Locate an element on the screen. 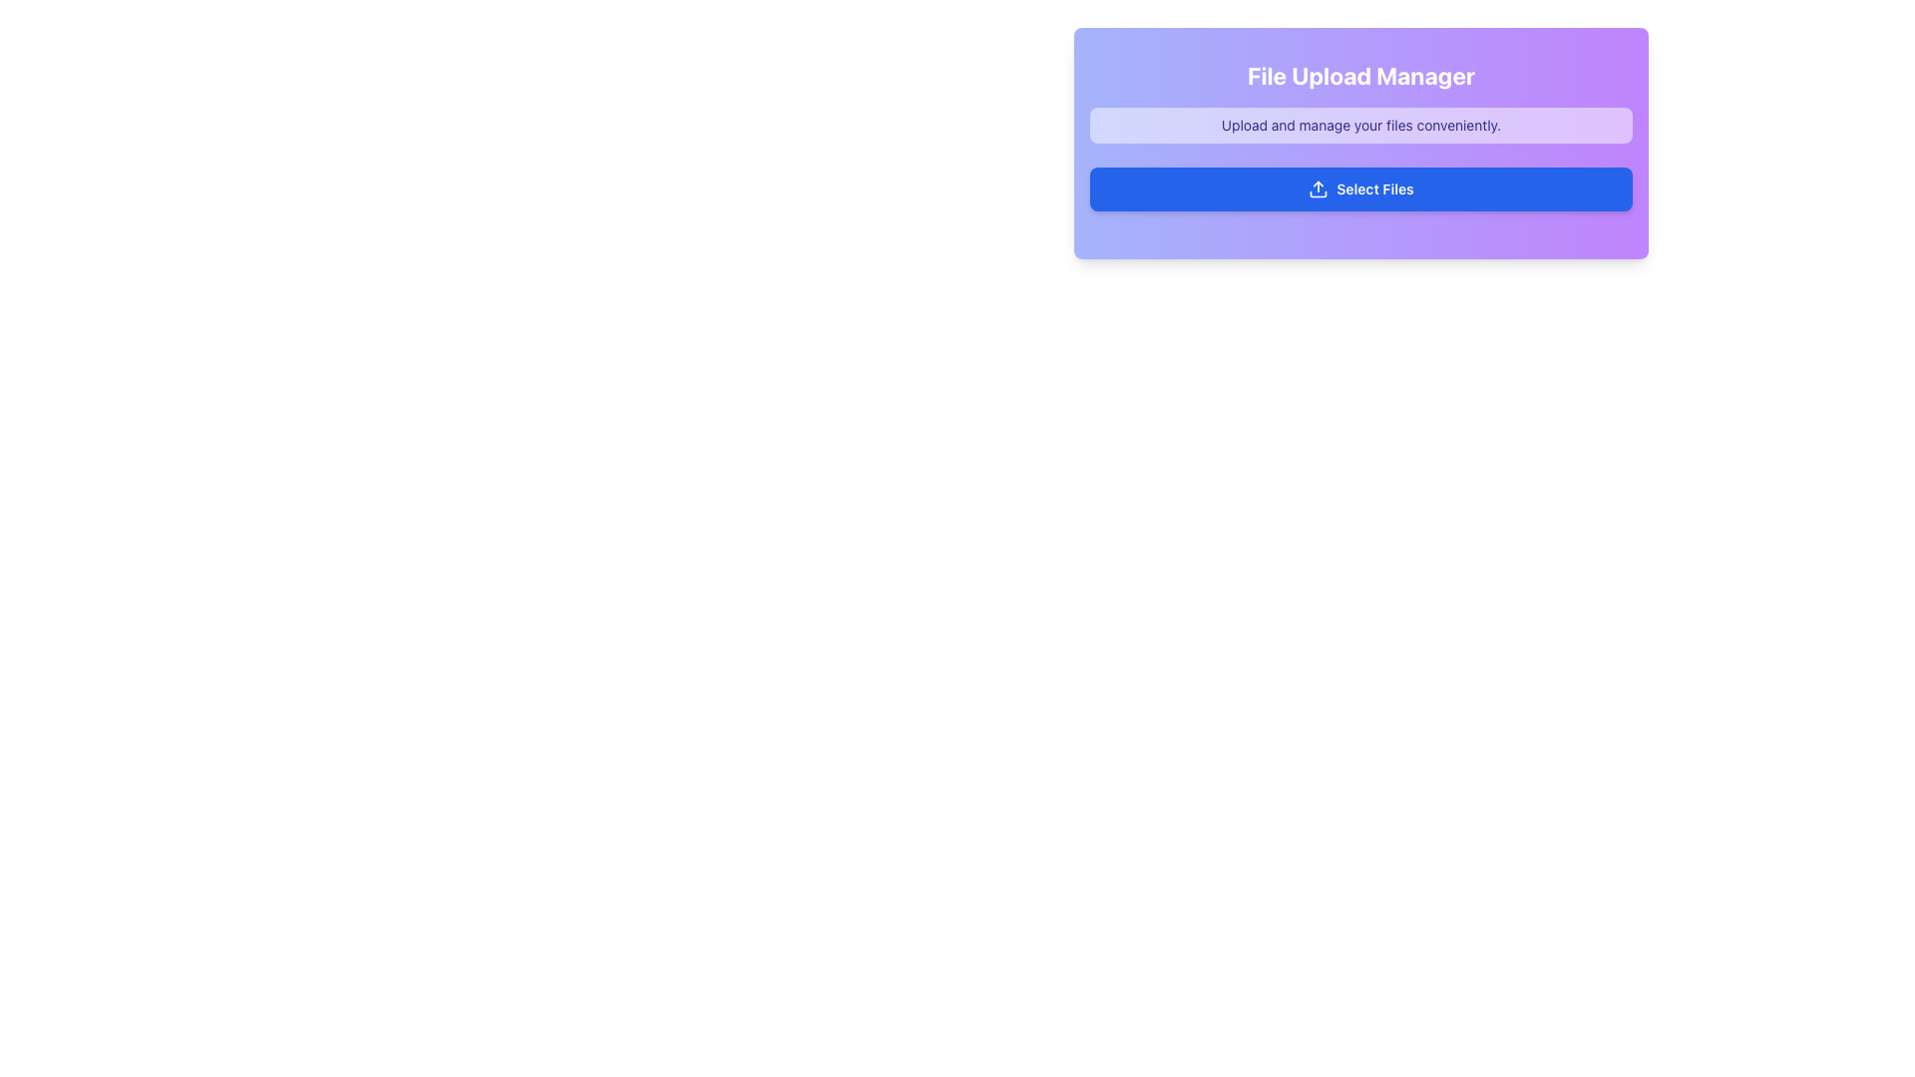 This screenshot has width=1915, height=1077. the 'Select Files' button, which is a deep blue rounded rectangular button with white text and an upload icon is located at coordinates (1359, 188).